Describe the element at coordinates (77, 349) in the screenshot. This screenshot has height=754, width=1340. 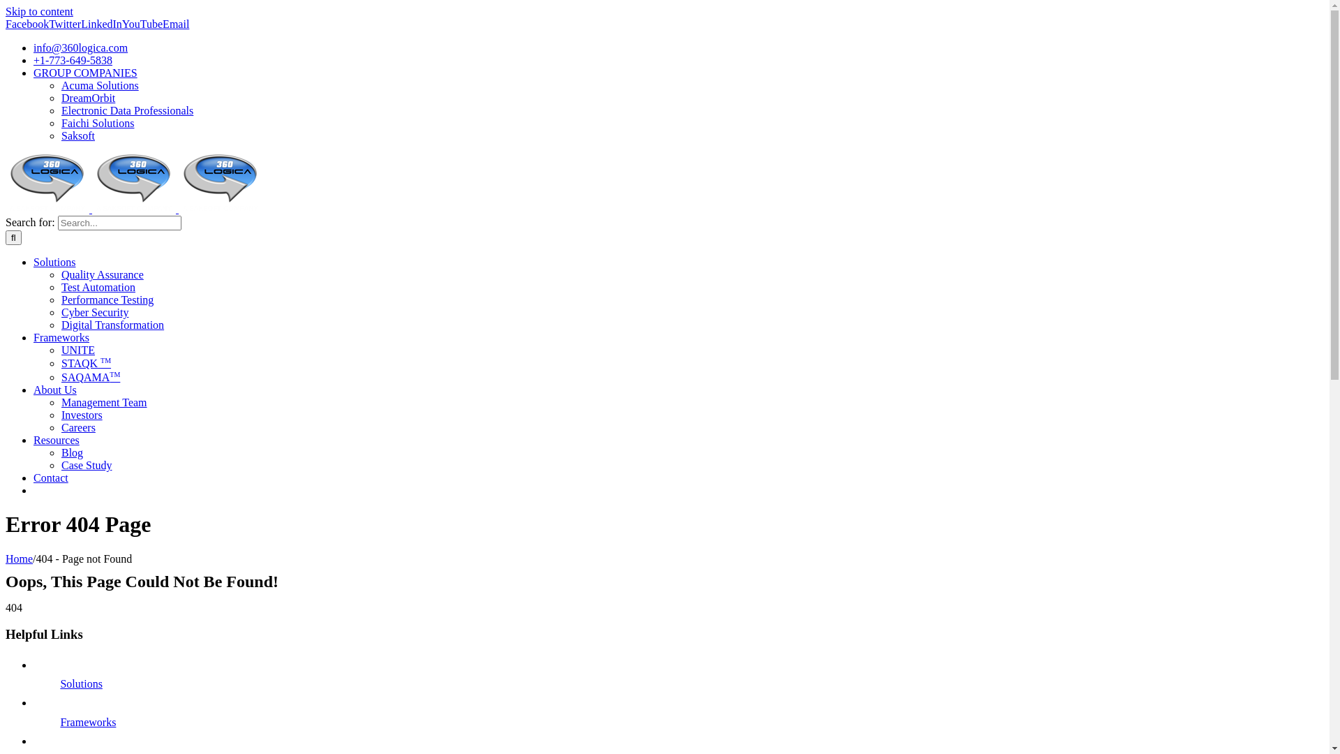
I see `'UNITE'` at that location.